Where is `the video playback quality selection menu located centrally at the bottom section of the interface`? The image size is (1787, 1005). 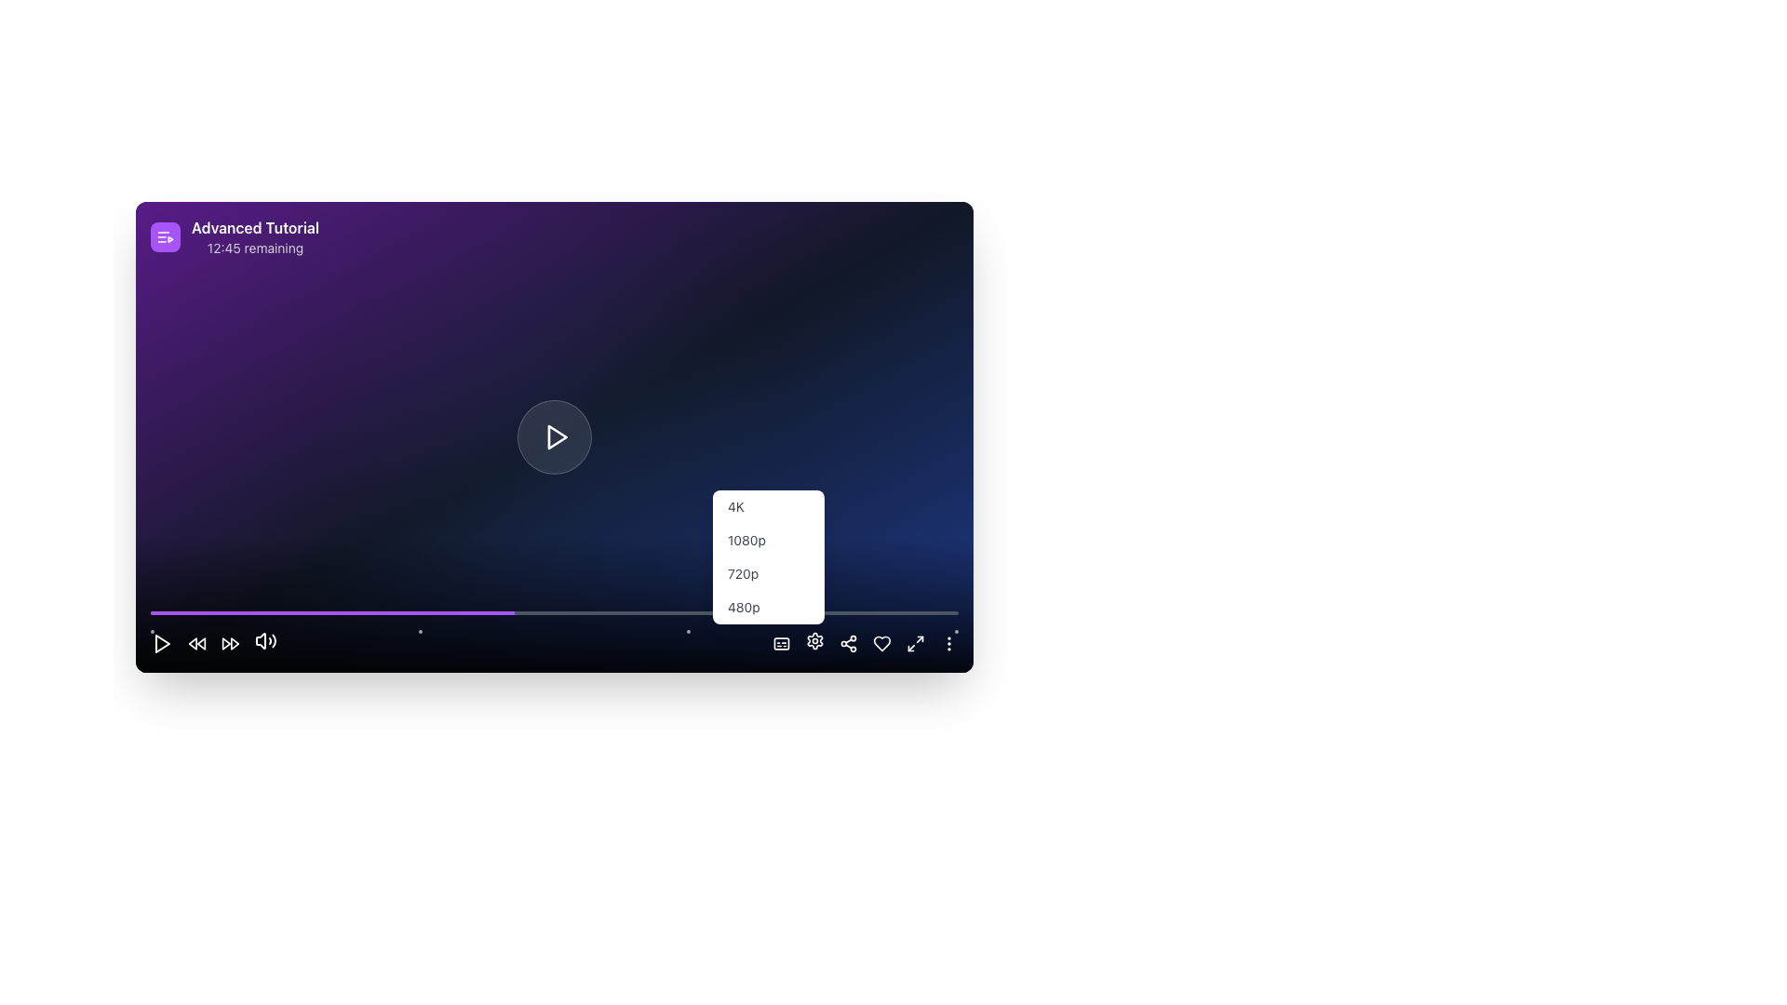 the video playback quality selection menu located centrally at the bottom section of the interface is located at coordinates (553, 642).